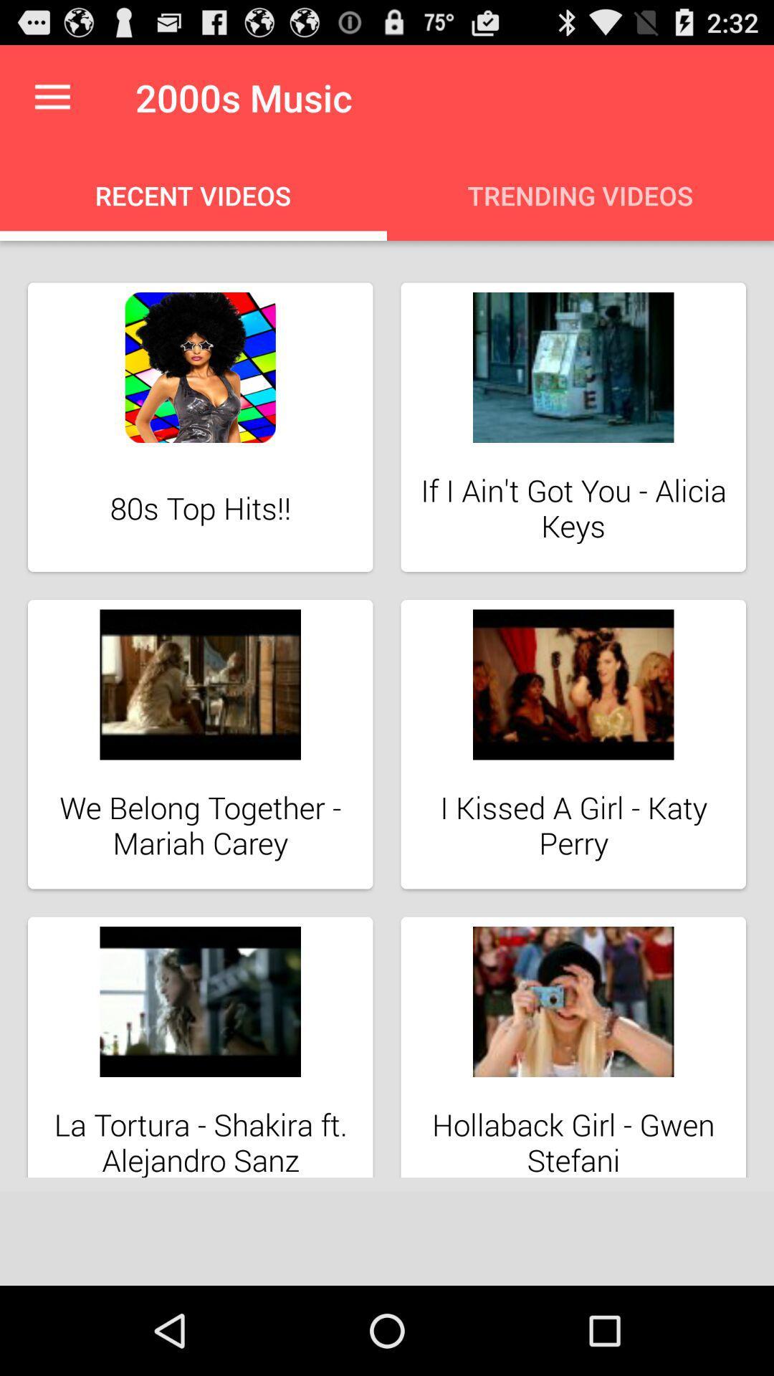 The height and width of the screenshot is (1376, 774). What do you see at coordinates (52, 97) in the screenshot?
I see `item next to the 2000s music item` at bounding box center [52, 97].